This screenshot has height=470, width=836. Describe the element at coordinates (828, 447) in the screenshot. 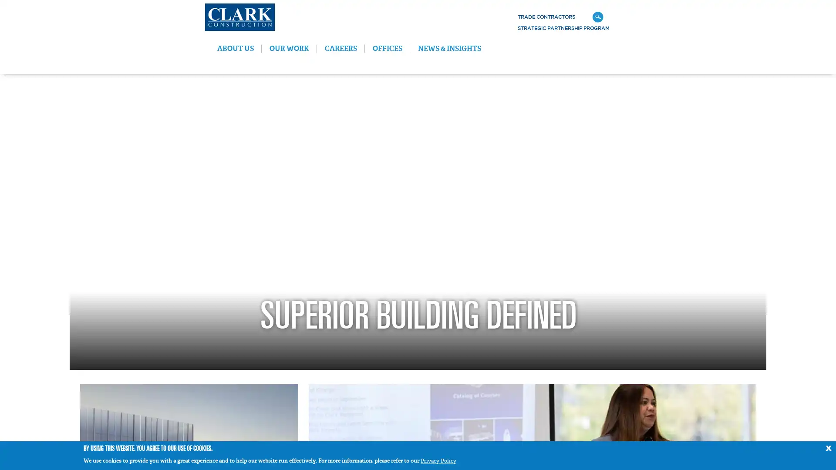

I see `x` at that location.